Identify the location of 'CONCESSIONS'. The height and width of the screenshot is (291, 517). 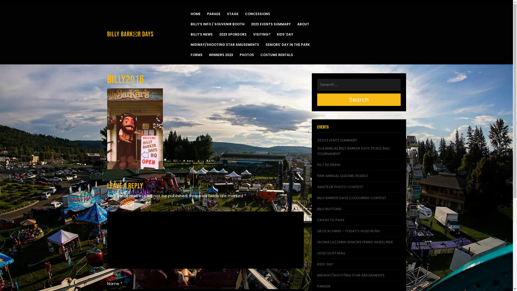
(245, 13).